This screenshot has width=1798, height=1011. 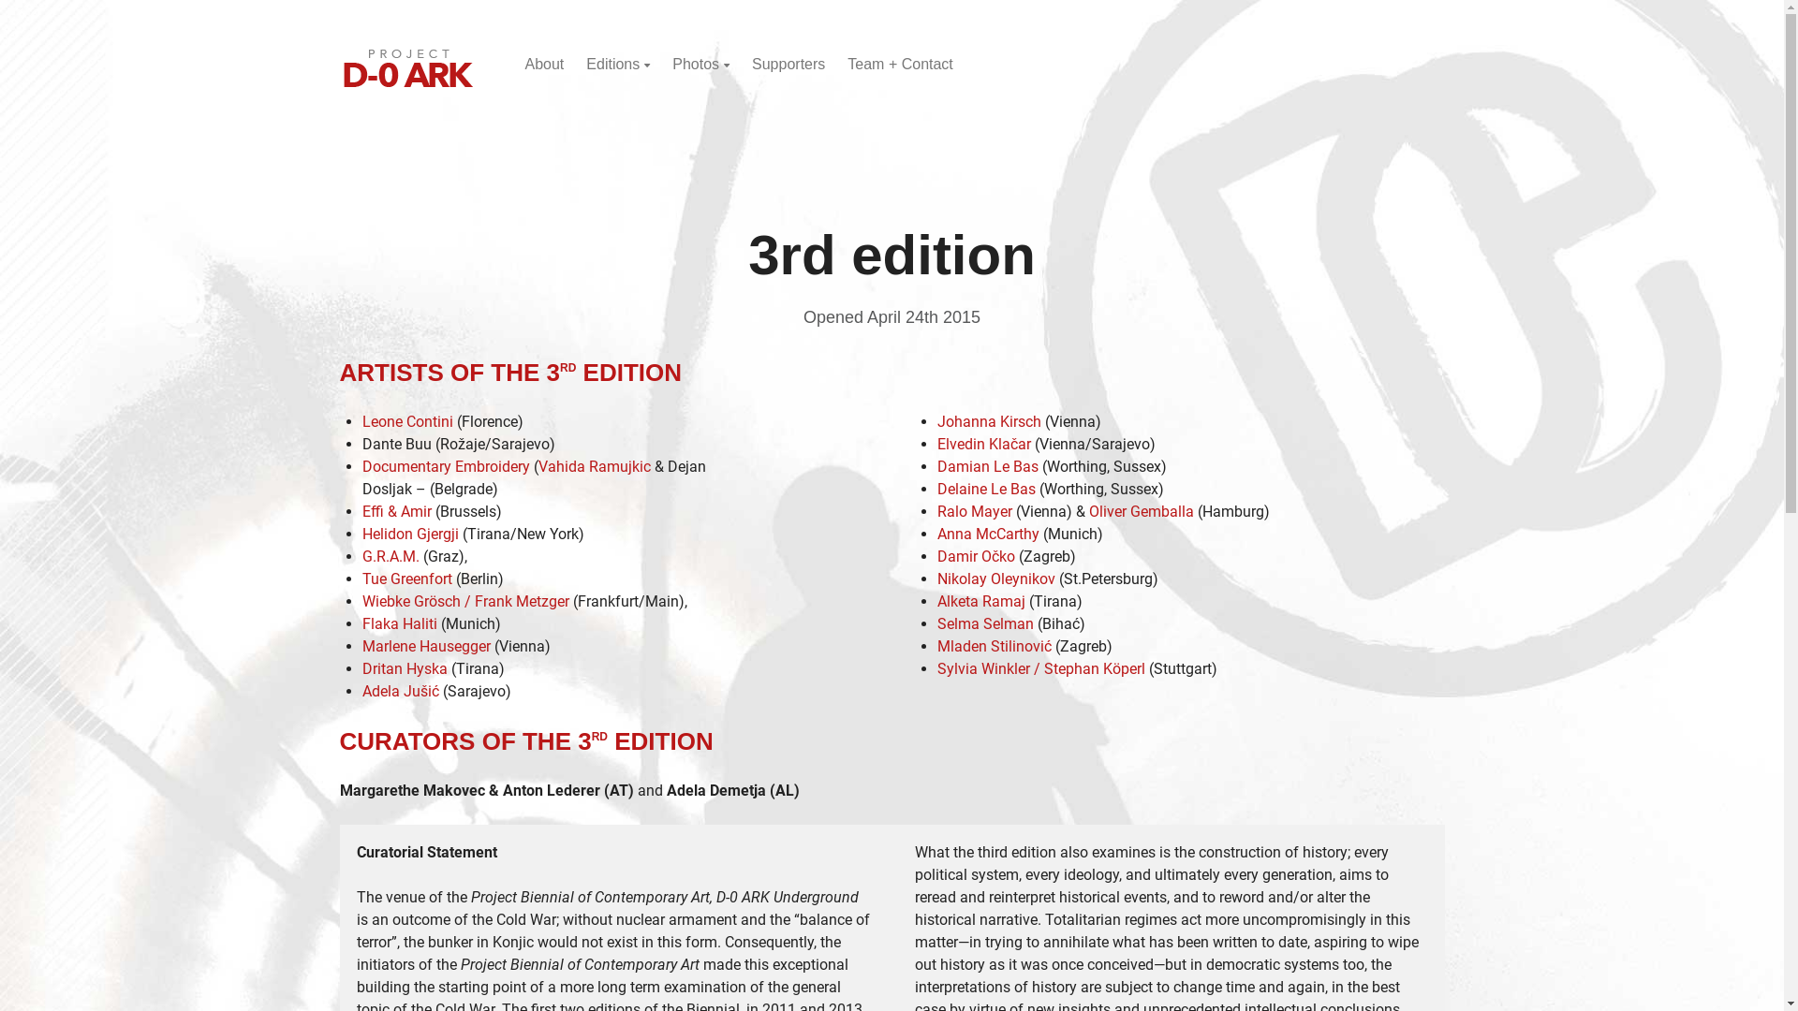 I want to click on 'Johanna Kirsch', so click(x=987, y=421).